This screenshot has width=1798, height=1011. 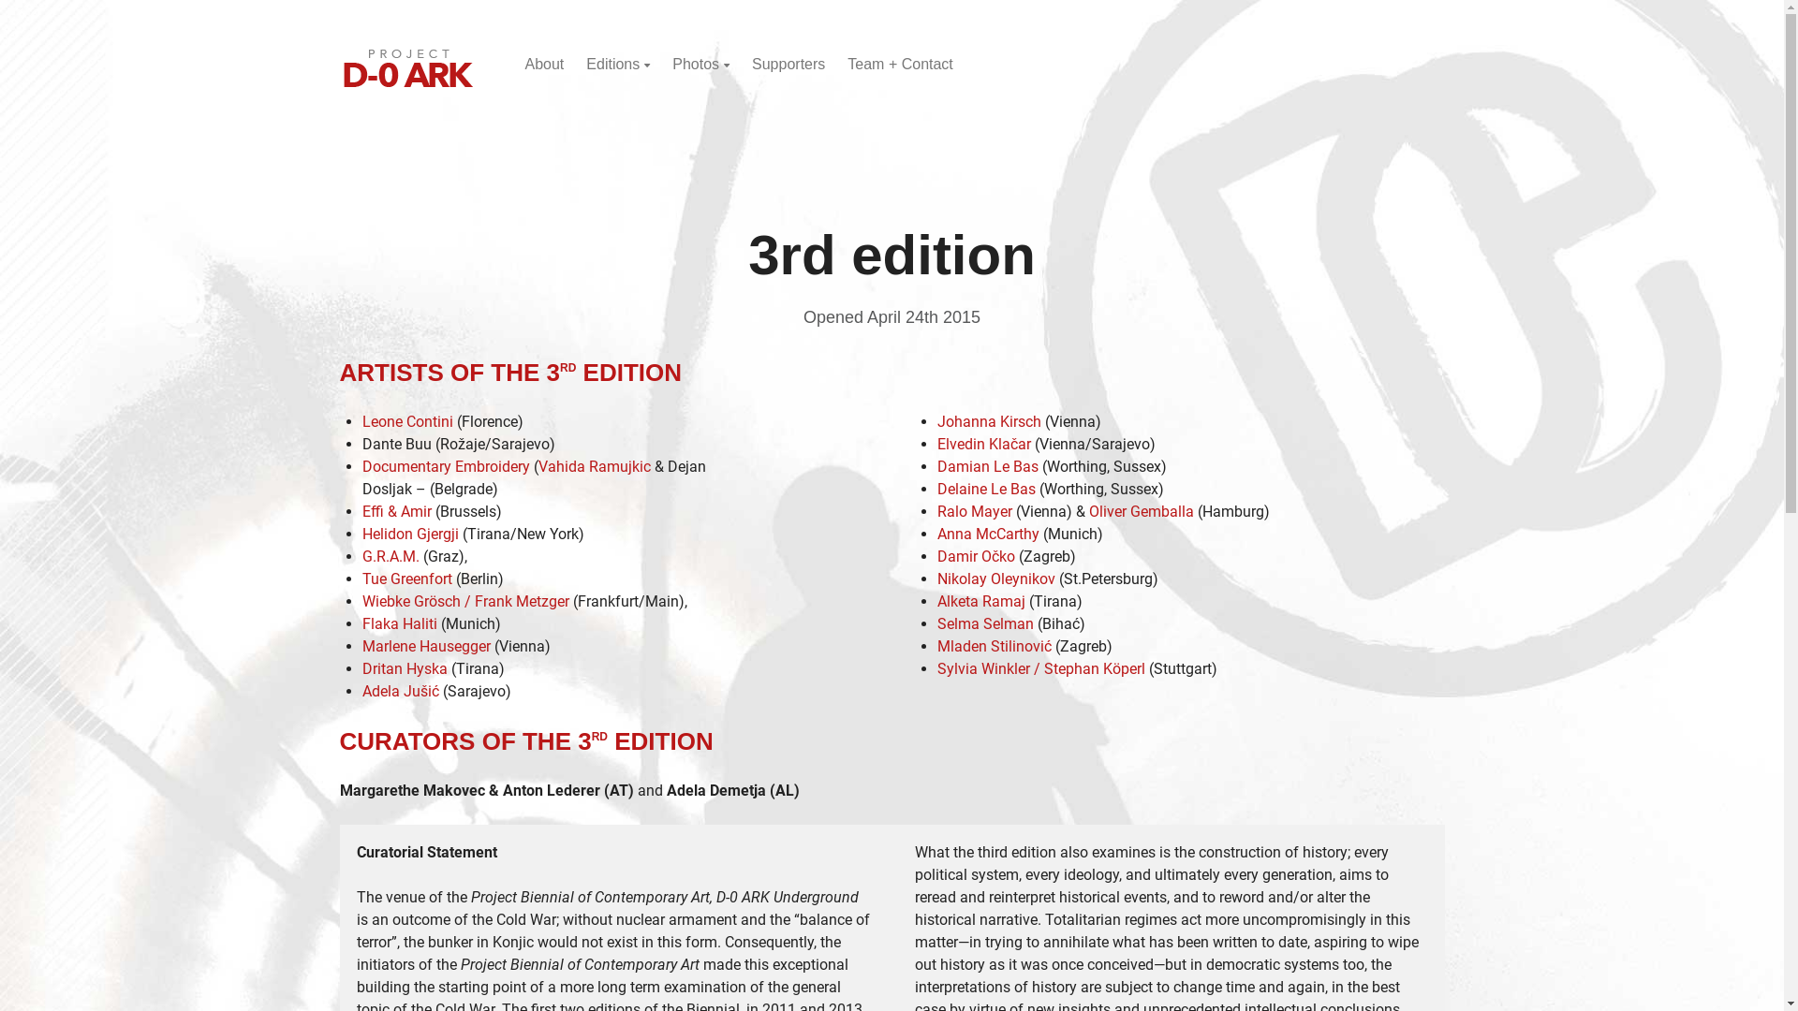 I want to click on 'Johanna Kirsch', so click(x=987, y=421).